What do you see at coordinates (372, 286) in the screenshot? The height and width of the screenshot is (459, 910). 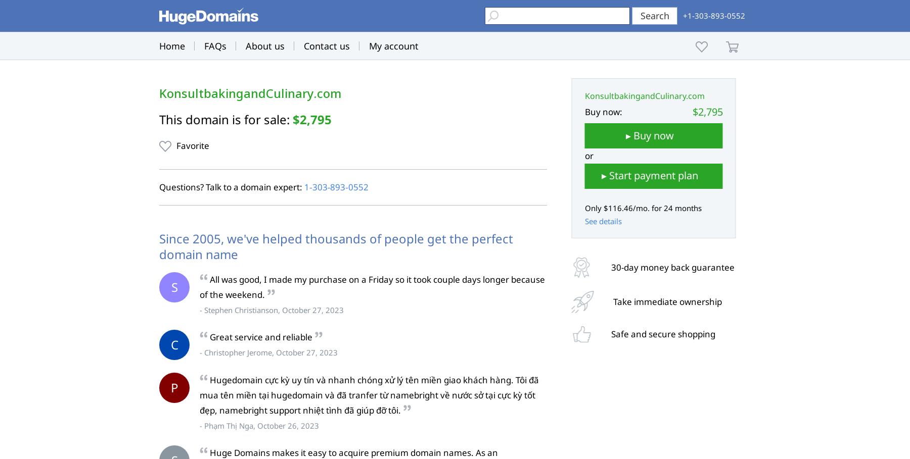 I see `'All was good, I made my purchase on a Friday so it took couple days longer because of the weekend.'` at bounding box center [372, 286].